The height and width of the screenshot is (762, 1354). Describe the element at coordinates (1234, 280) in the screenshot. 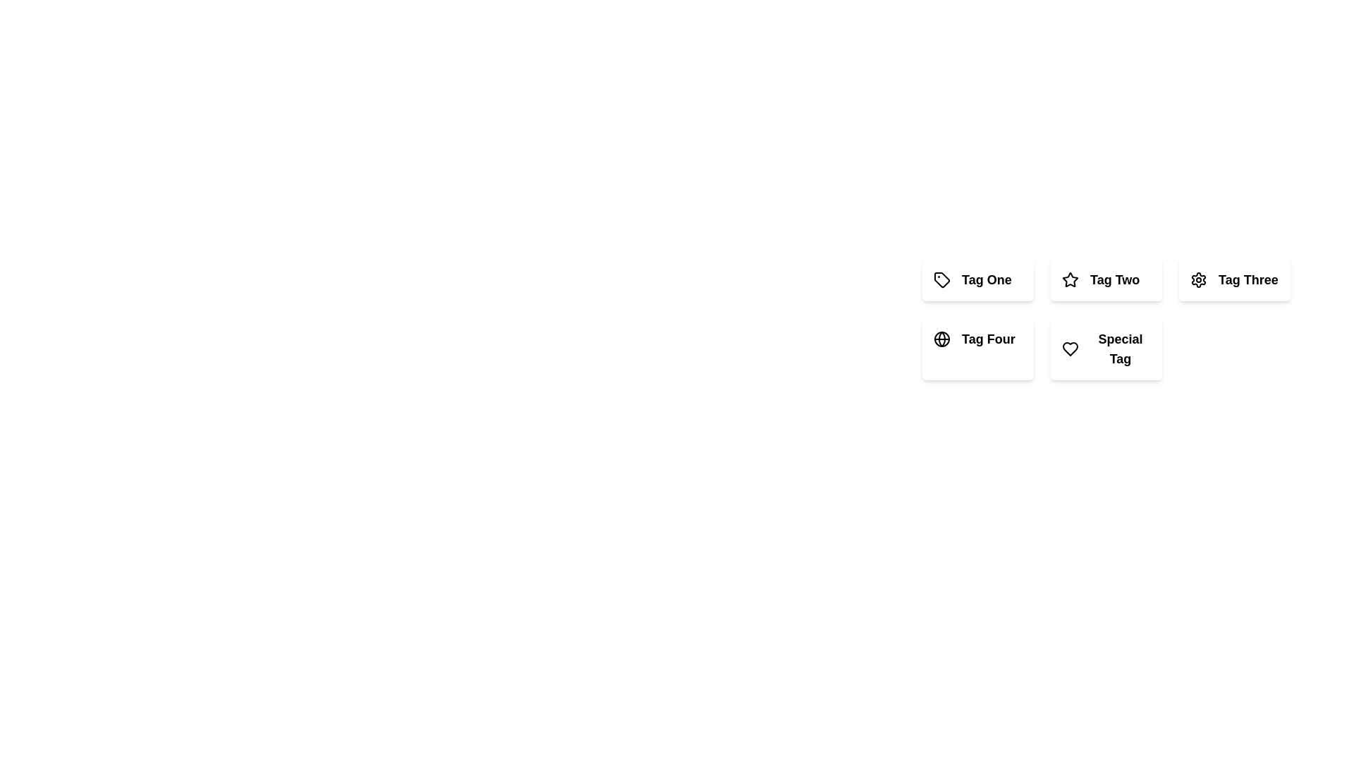

I see `the Card-style button labeled 'Tag Three' which is positioned as the third item in the top row of the grid layout` at that location.